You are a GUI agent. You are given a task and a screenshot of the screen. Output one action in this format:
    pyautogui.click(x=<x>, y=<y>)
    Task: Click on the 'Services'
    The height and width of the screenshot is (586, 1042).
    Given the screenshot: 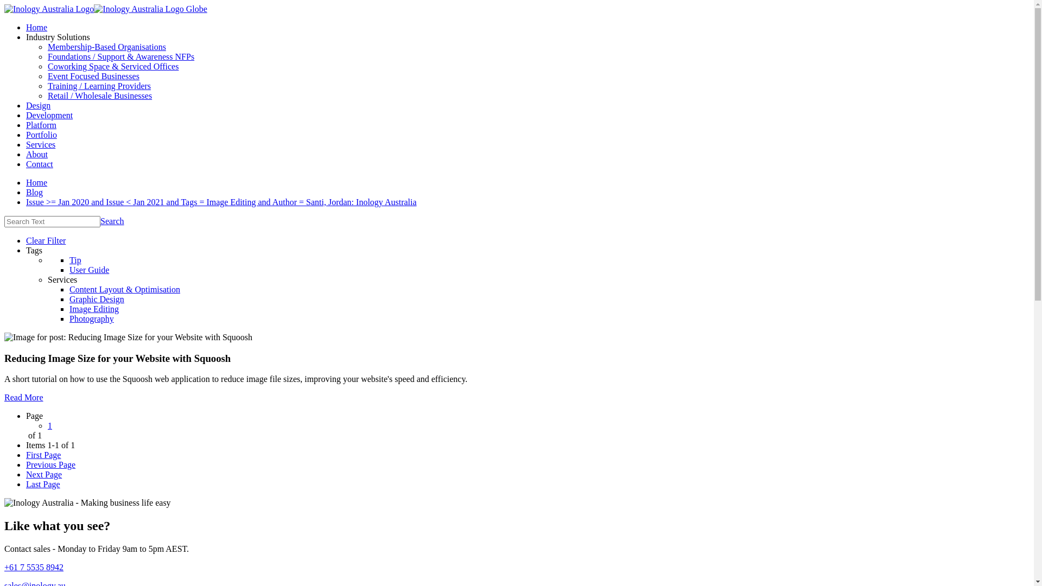 What is the action you would take?
    pyautogui.click(x=41, y=144)
    